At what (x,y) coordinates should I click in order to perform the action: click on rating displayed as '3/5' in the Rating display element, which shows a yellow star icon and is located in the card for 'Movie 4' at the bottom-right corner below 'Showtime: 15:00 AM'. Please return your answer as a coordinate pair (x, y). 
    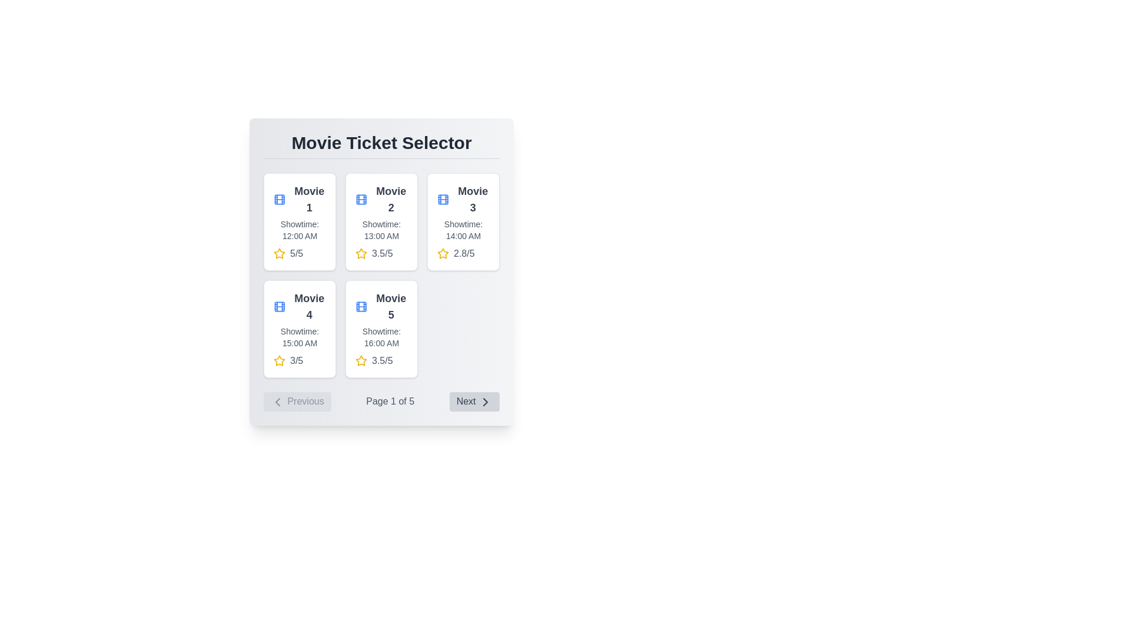
    Looking at the image, I should click on (300, 360).